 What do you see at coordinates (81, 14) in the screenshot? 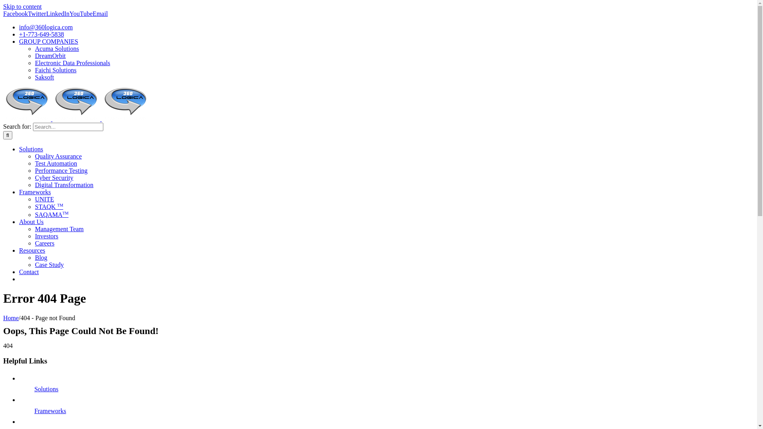
I see `'YouTube'` at bounding box center [81, 14].